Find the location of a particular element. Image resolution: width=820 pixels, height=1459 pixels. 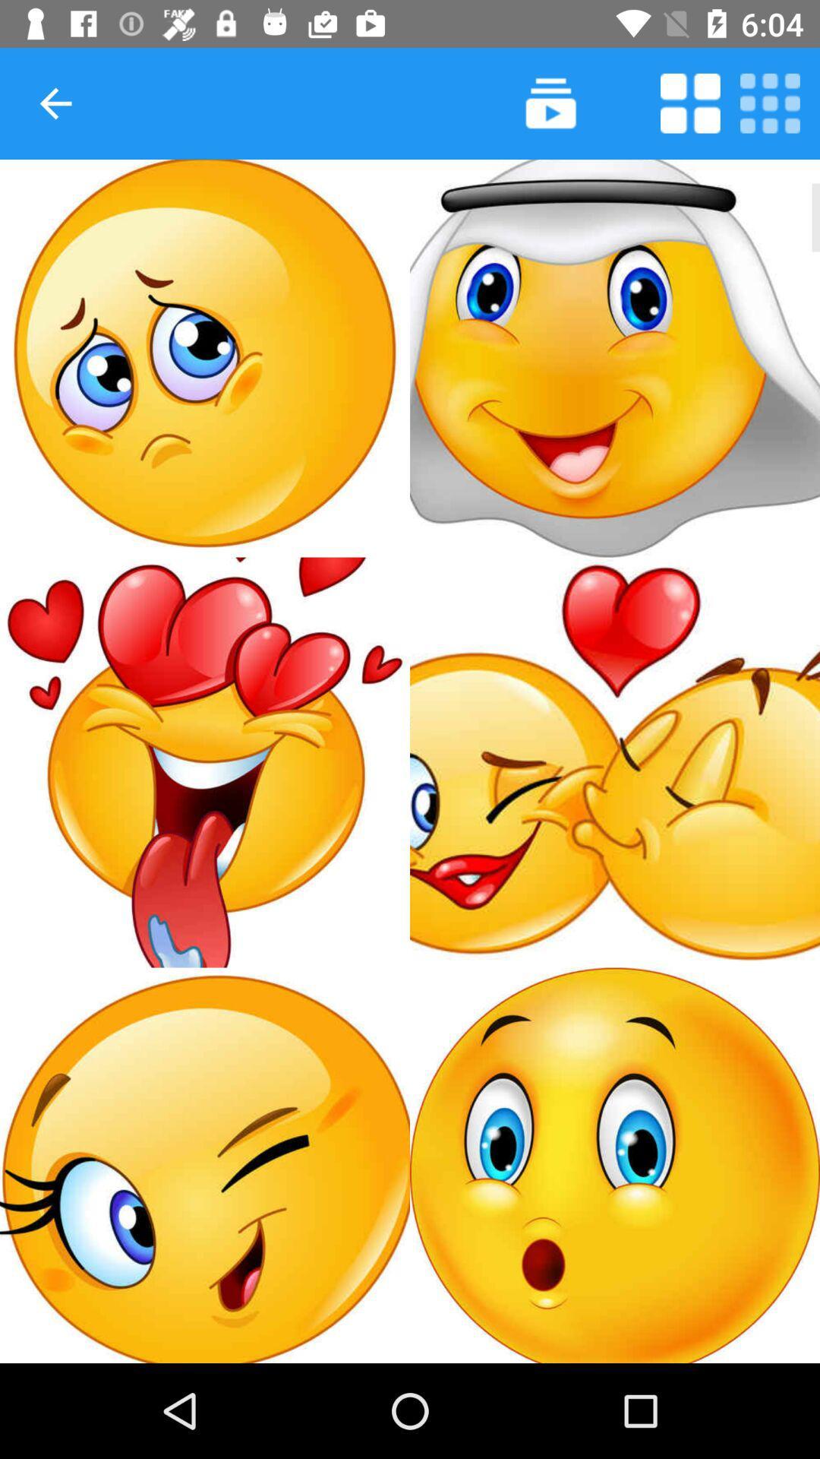

choose small sticker display option is located at coordinates (770, 103).